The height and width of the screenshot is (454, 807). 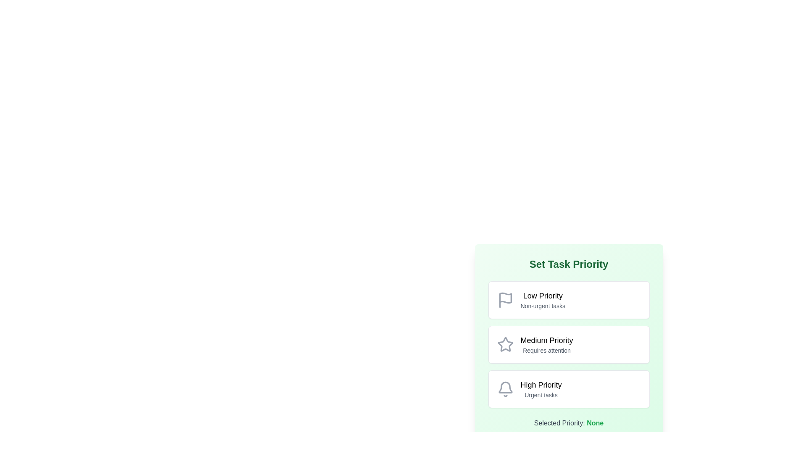 I want to click on the 'Low Priority' label which displays 'Non-urgent tasks', so click(x=543, y=299).